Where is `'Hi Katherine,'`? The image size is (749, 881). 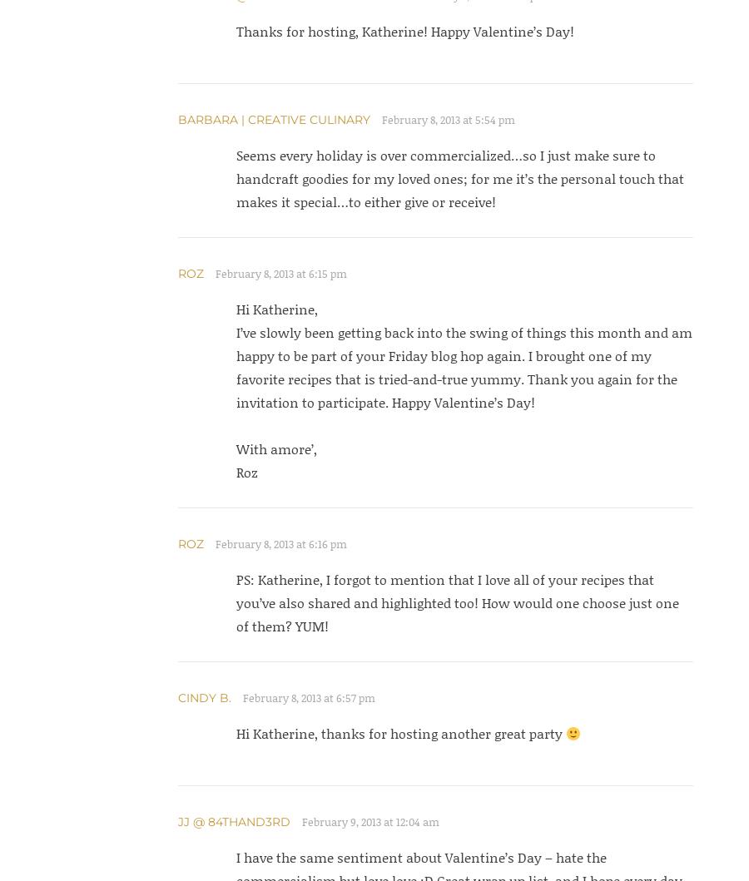 'Hi Katherine,' is located at coordinates (275, 308).